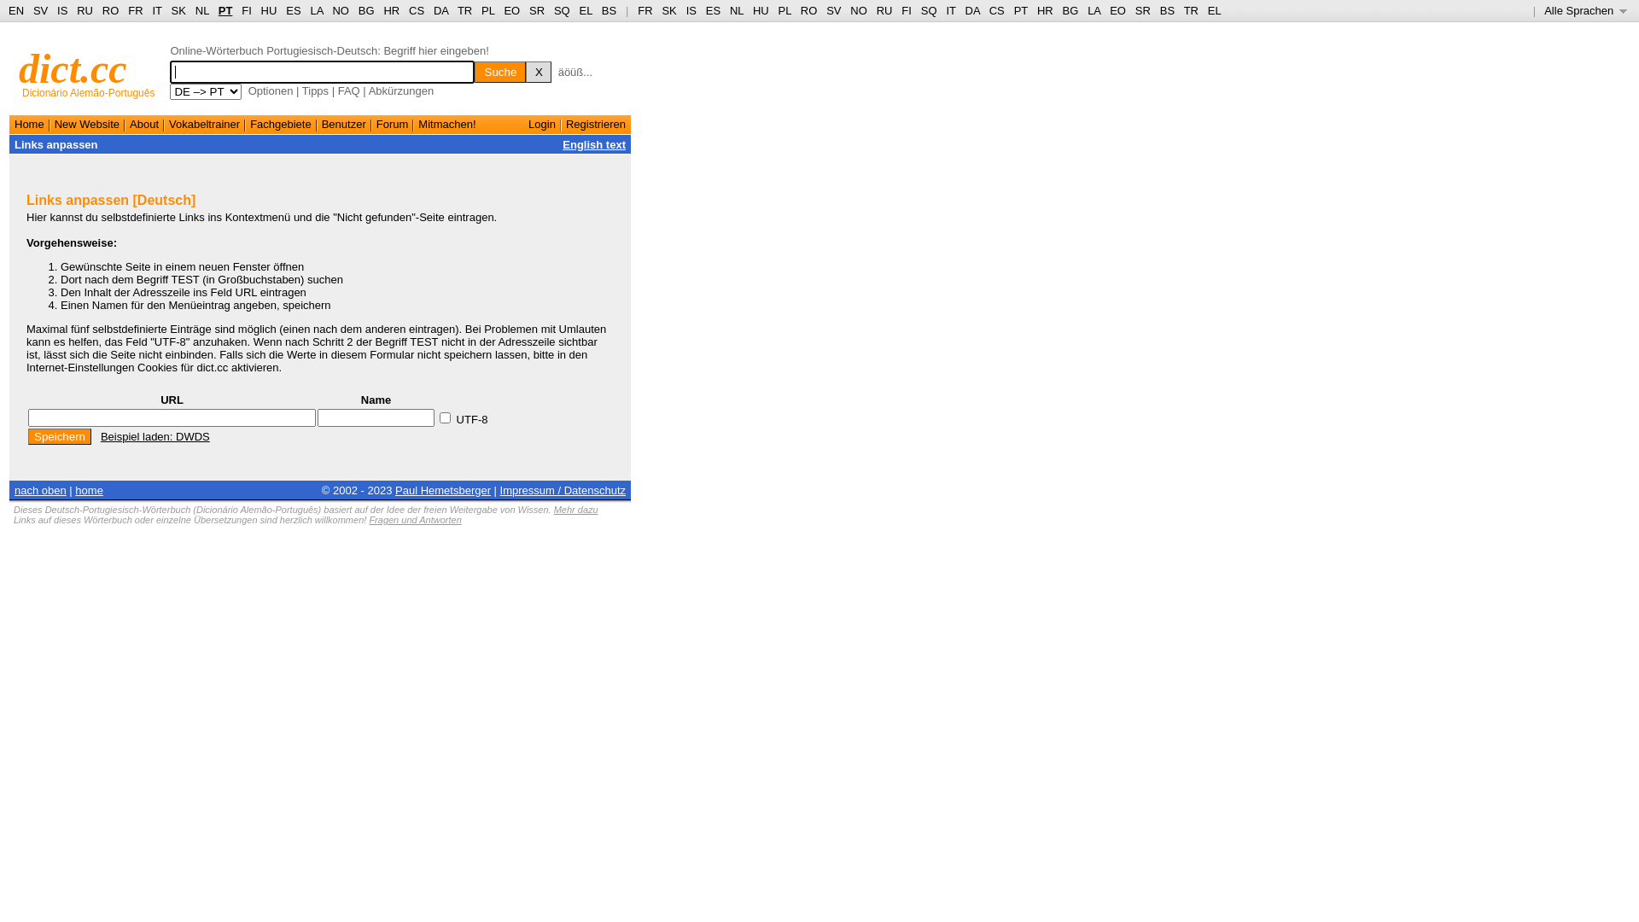 This screenshot has height=922, width=1639. I want to click on 'Alle Sprachen ', so click(1584, 10).